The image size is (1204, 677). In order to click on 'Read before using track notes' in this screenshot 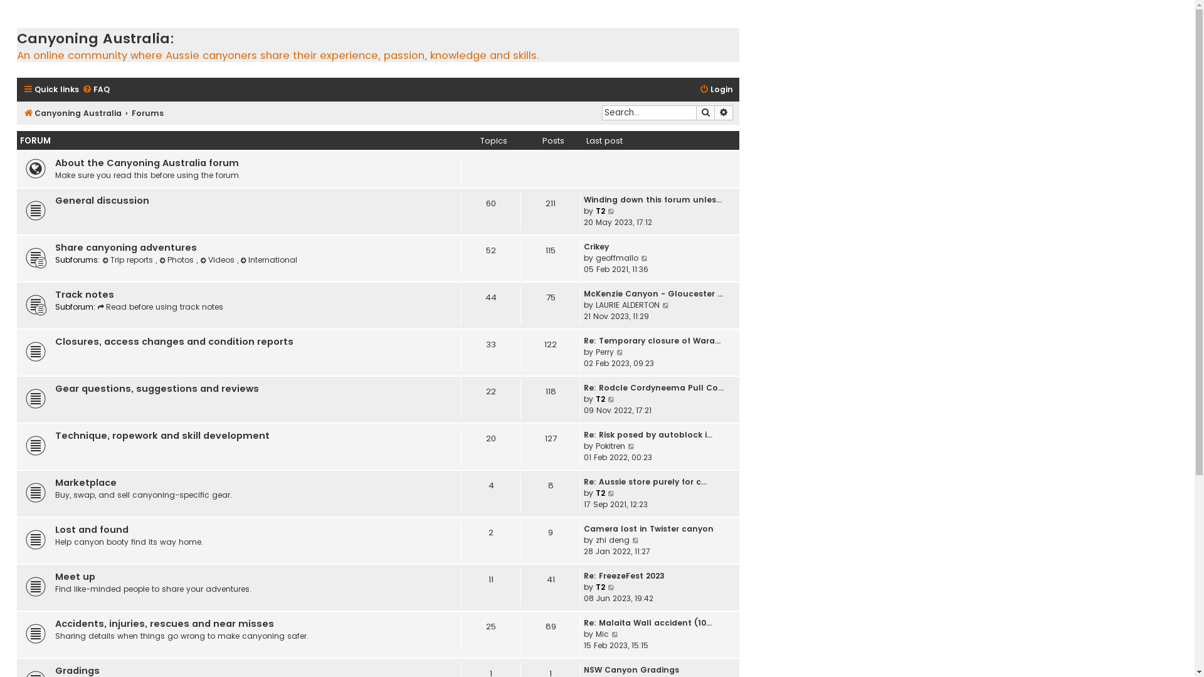, I will do `click(159, 307)`.